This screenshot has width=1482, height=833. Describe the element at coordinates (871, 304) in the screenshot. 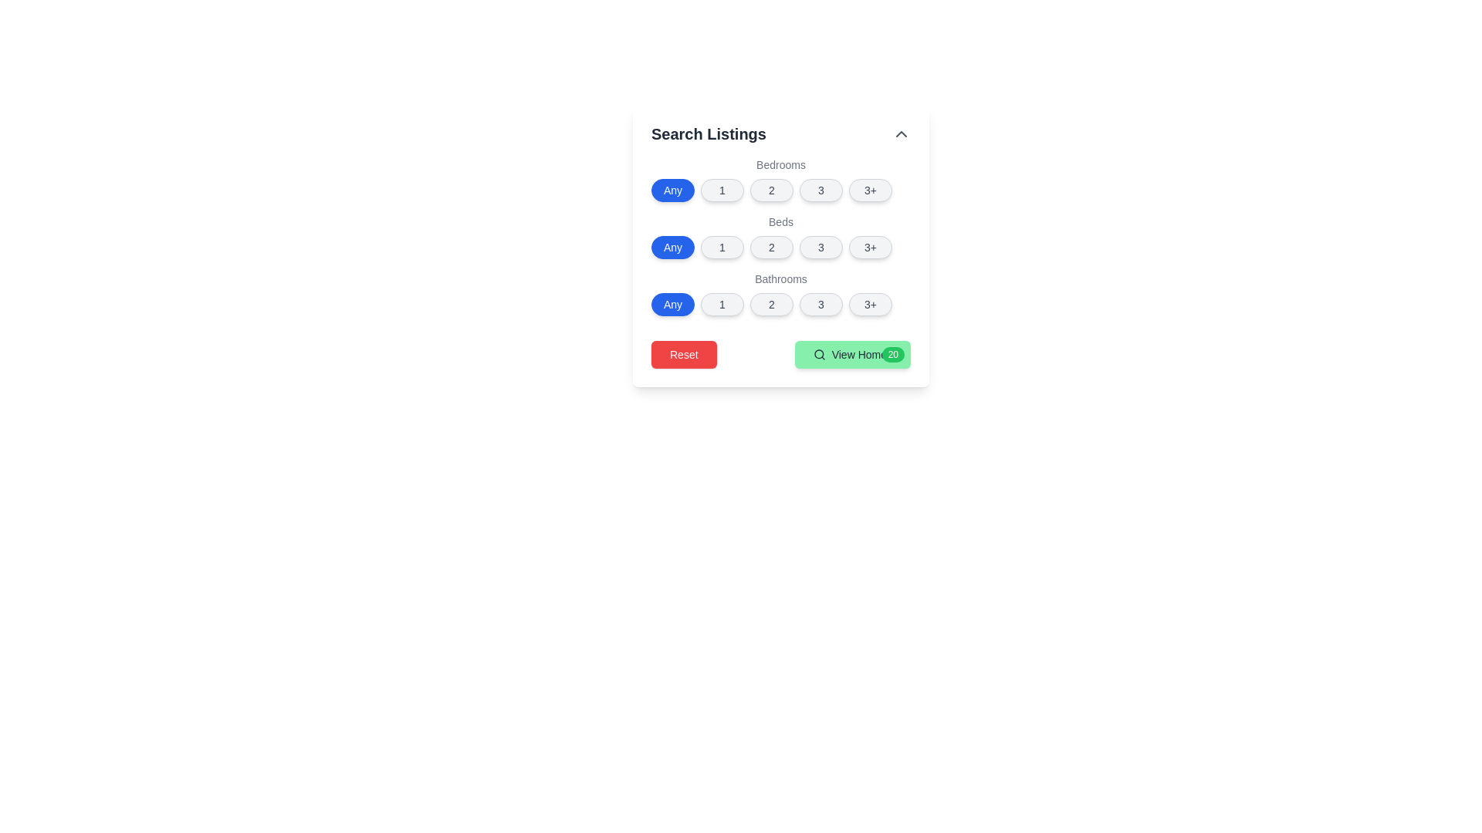

I see `the round-cornered button labeled '3+' located in the 'Bathrooms' row` at that location.